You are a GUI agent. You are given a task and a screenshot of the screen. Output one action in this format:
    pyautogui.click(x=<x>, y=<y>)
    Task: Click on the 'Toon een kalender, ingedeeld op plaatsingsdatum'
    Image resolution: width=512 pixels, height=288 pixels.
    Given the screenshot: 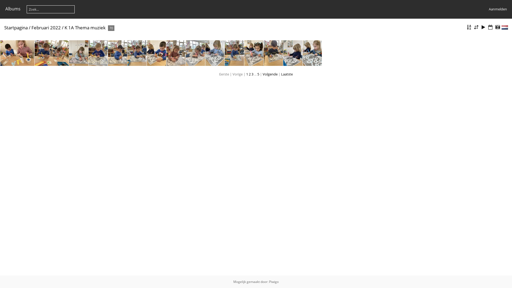 What is the action you would take?
    pyautogui.click(x=487, y=27)
    